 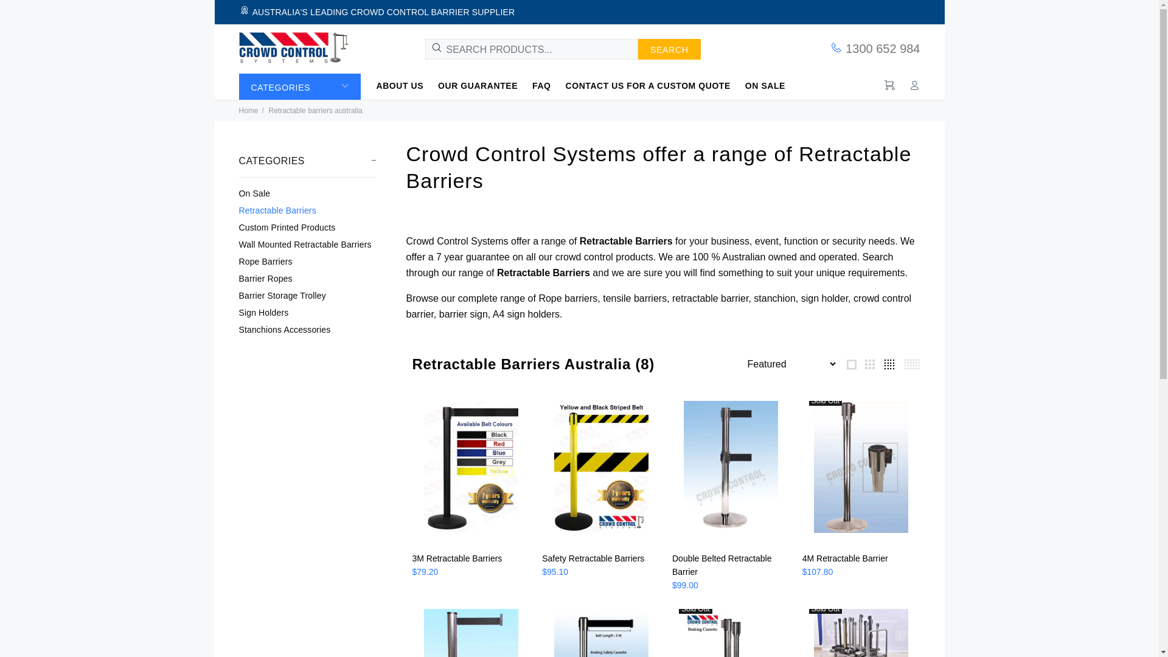 What do you see at coordinates (307, 279) in the screenshot?
I see `'Barrier Ropes'` at bounding box center [307, 279].